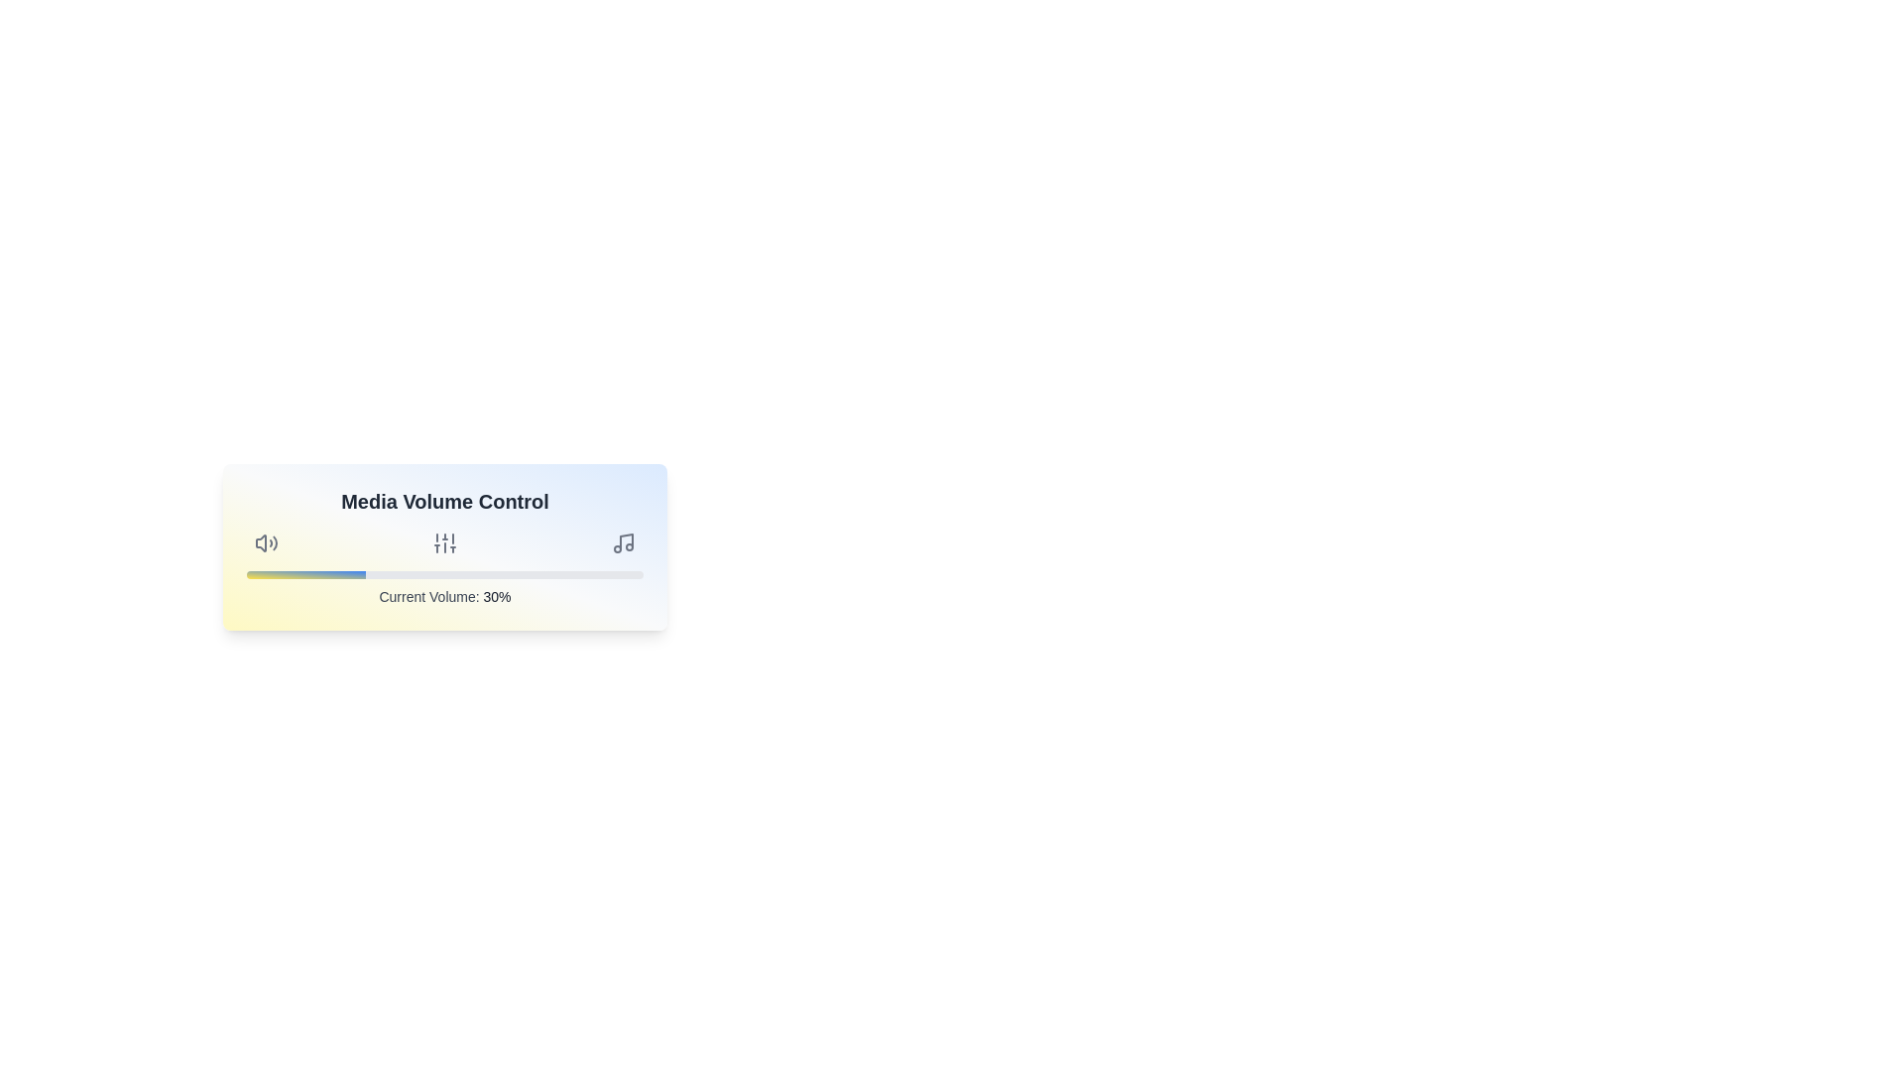 Image resolution: width=1904 pixels, height=1071 pixels. I want to click on the volume, so click(543, 574).